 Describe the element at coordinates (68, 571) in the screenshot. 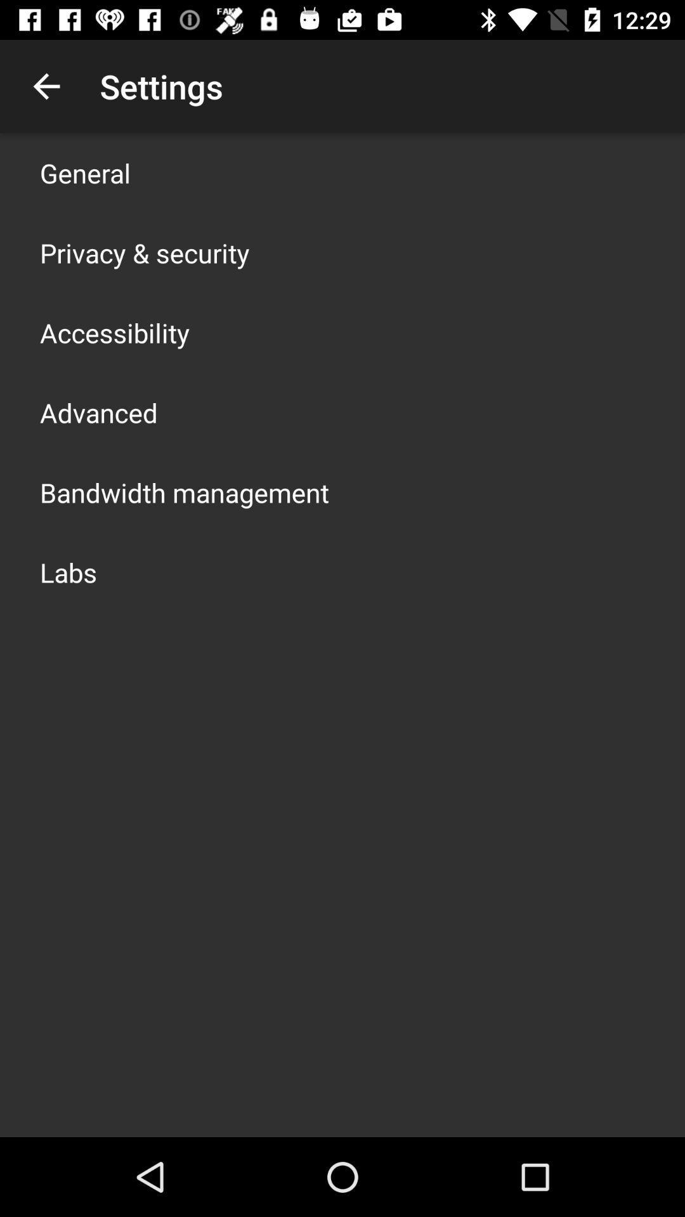

I see `labs` at that location.